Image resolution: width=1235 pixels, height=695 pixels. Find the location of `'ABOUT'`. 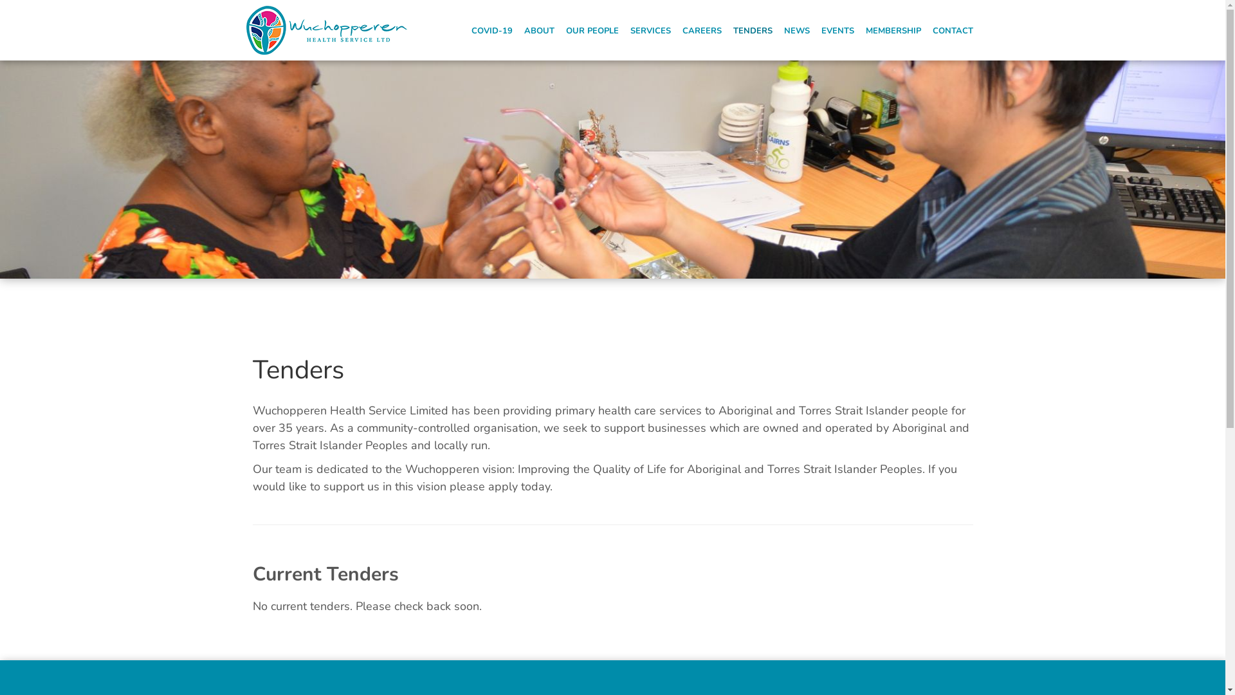

'ABOUT' is located at coordinates (539, 30).